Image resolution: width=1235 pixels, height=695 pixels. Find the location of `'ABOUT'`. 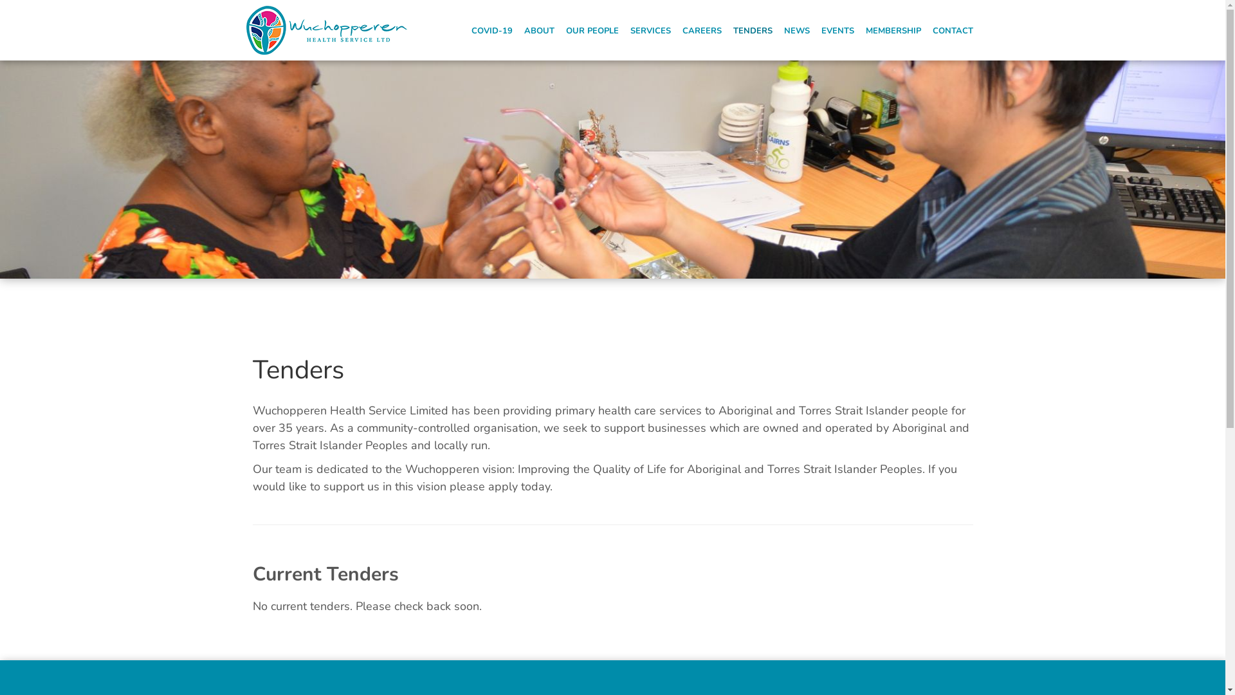

'ABOUT' is located at coordinates (539, 30).